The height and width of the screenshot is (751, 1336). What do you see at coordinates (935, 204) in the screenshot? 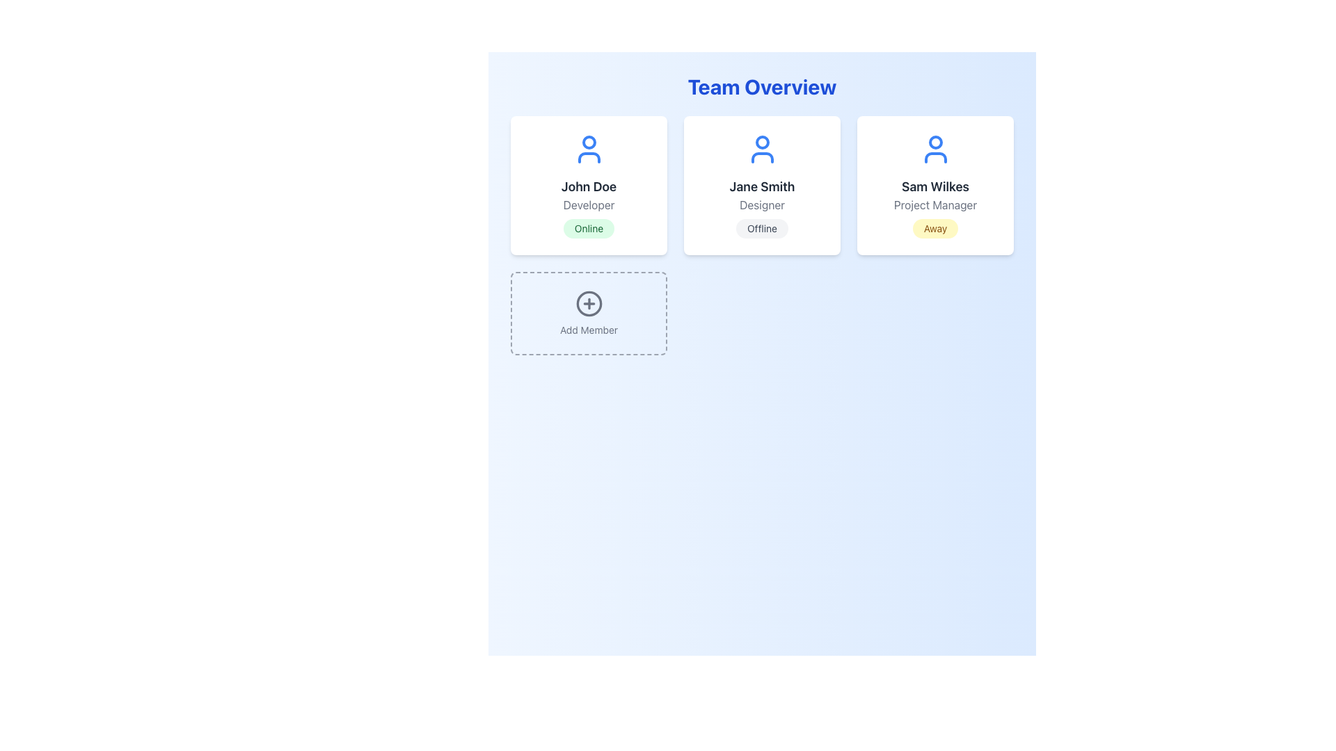
I see `the 'Project Manager' text label element displayed in gray, located directly below 'Sam Wilkes' and above the 'Away' badge` at bounding box center [935, 204].